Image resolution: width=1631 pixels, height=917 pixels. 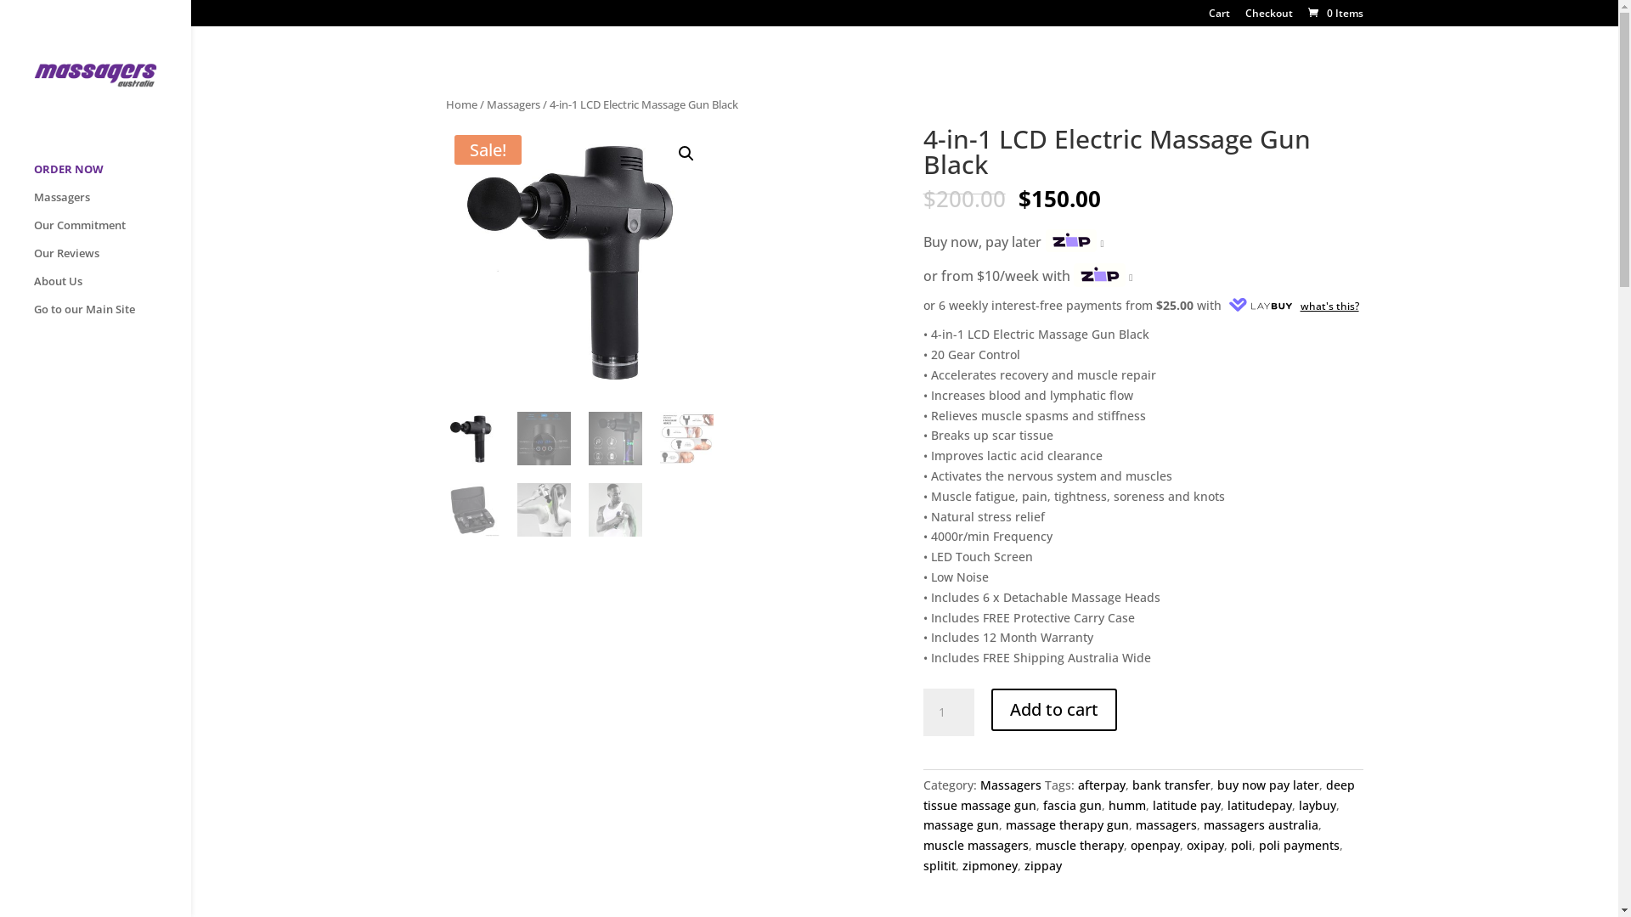 I want to click on 'afterpay', so click(x=1101, y=785).